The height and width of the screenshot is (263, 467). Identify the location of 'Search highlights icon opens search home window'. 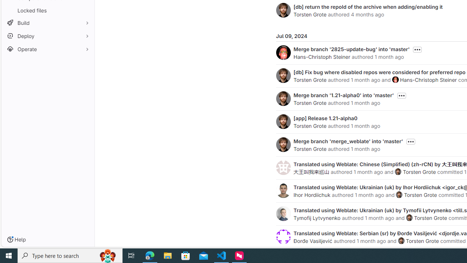
(107, 255).